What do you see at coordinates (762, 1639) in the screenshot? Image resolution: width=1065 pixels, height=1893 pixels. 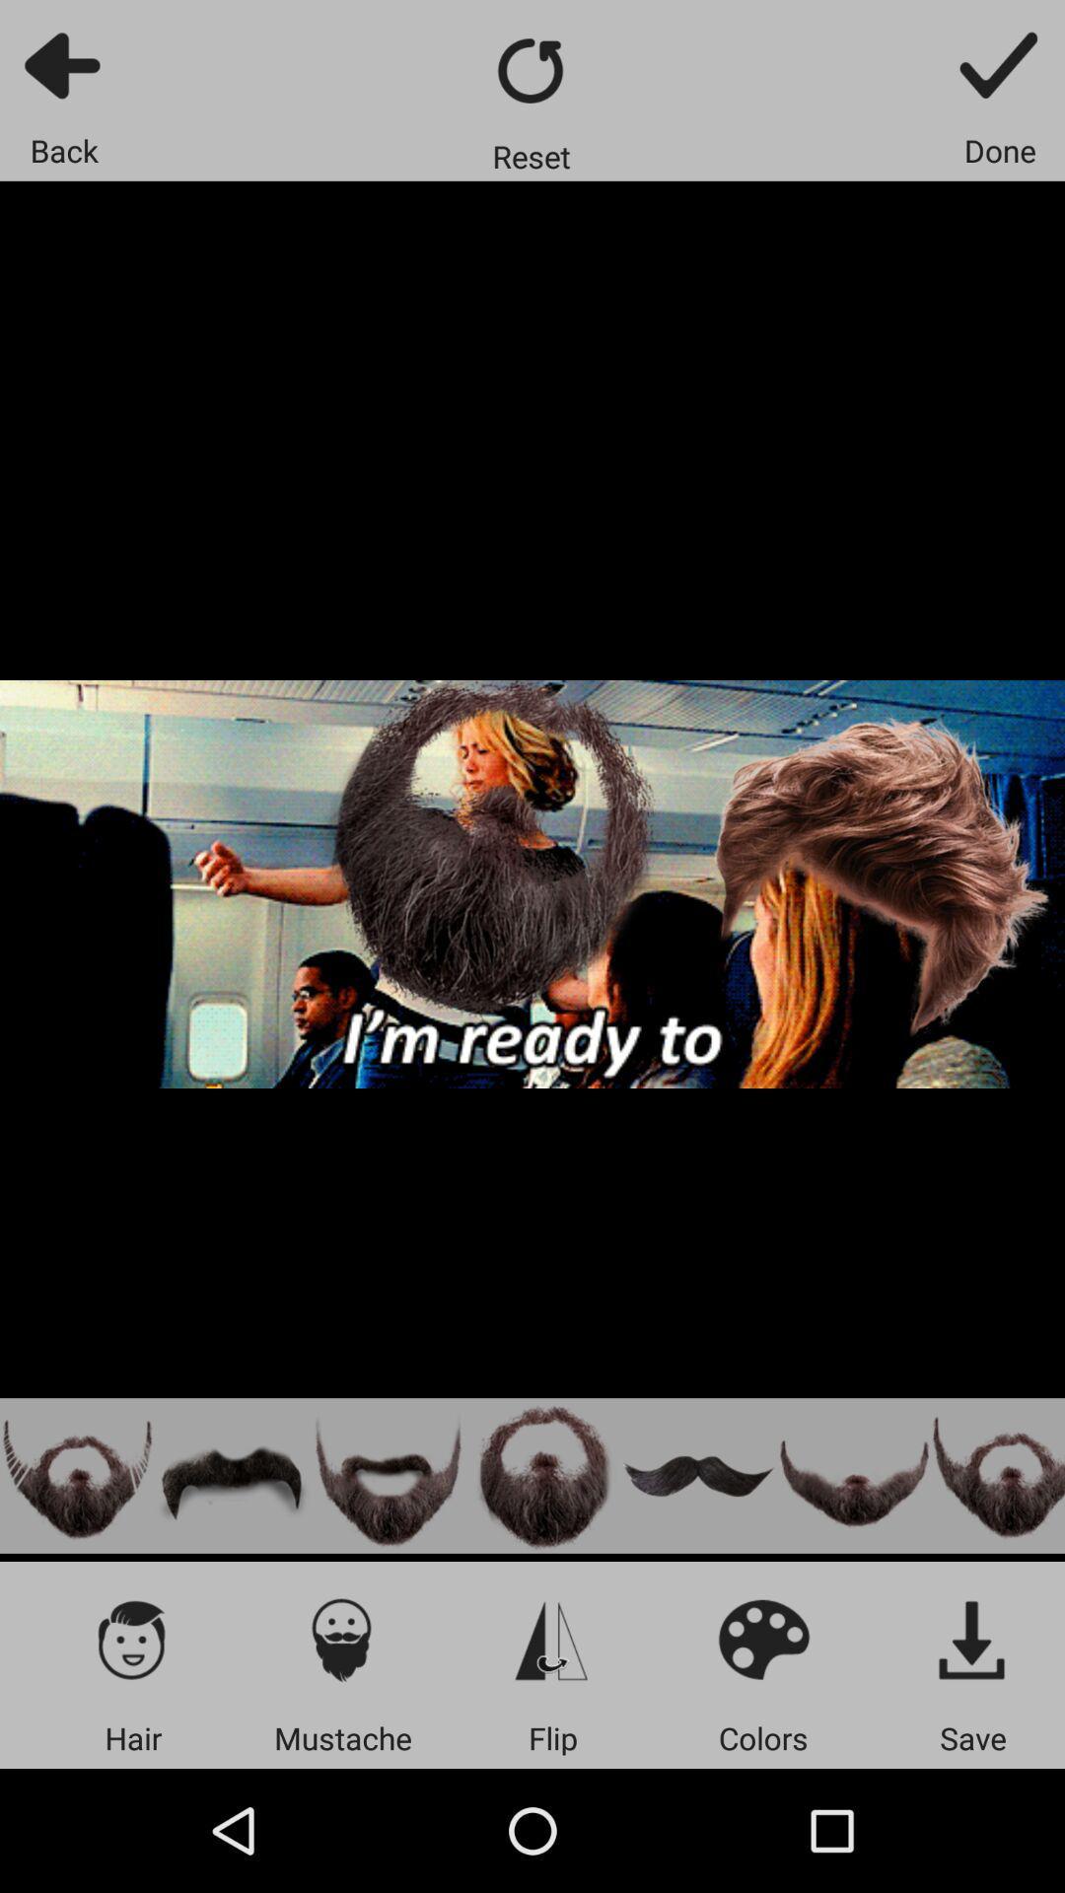 I see `color` at bounding box center [762, 1639].